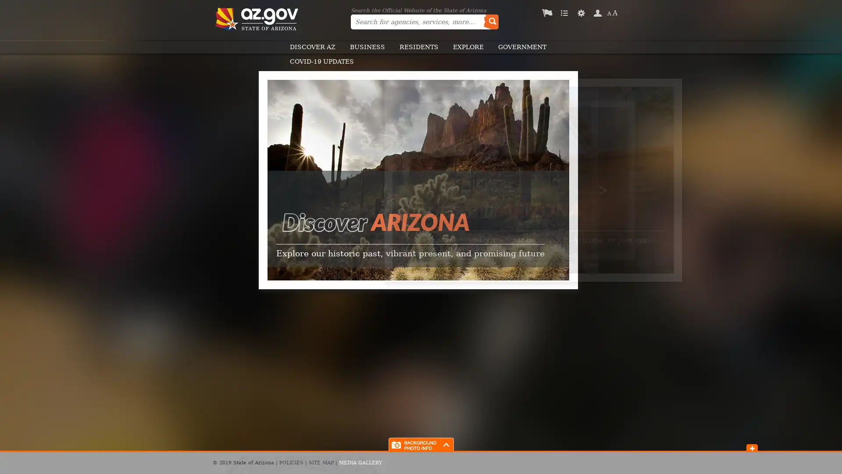  I want to click on Search, so click(490, 22).